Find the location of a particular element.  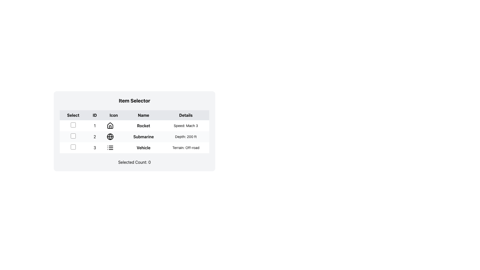

the text label displaying 'Speed: Mach 3' located in the fourth column labeled 'Details' of the table, aligned to the right of the 'Rocket' label in row '1' is located at coordinates (185, 125).